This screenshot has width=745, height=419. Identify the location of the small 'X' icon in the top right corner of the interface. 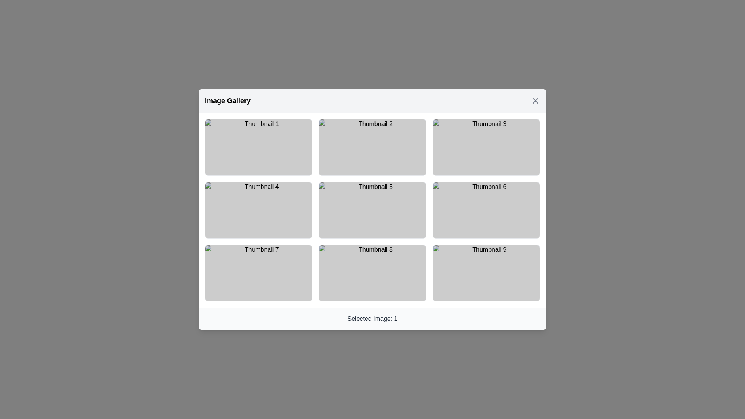
(535, 100).